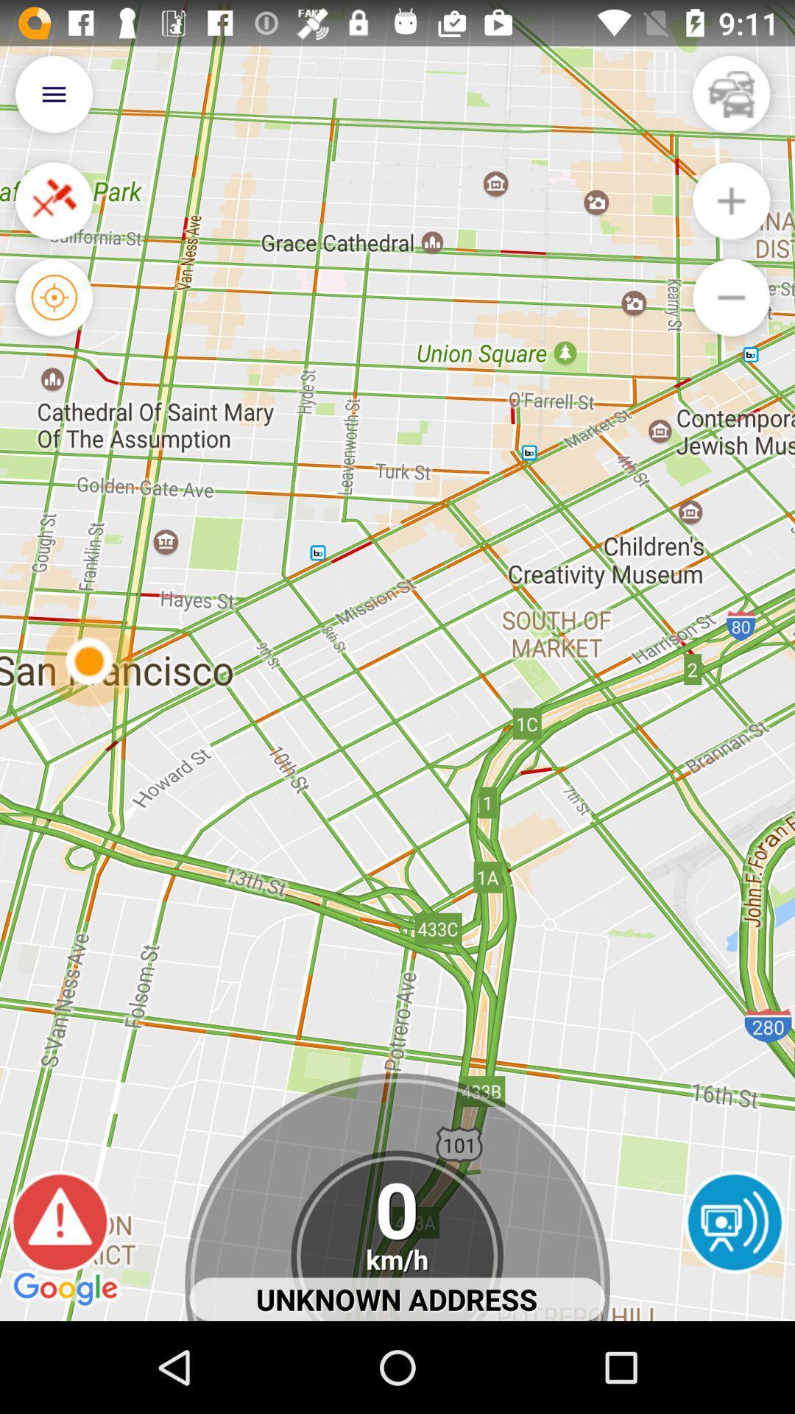  What do you see at coordinates (731, 214) in the screenshot?
I see `the add icon` at bounding box center [731, 214].